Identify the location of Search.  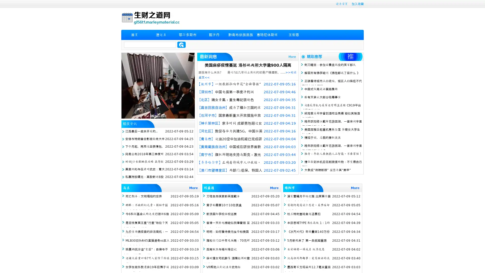
(181, 44).